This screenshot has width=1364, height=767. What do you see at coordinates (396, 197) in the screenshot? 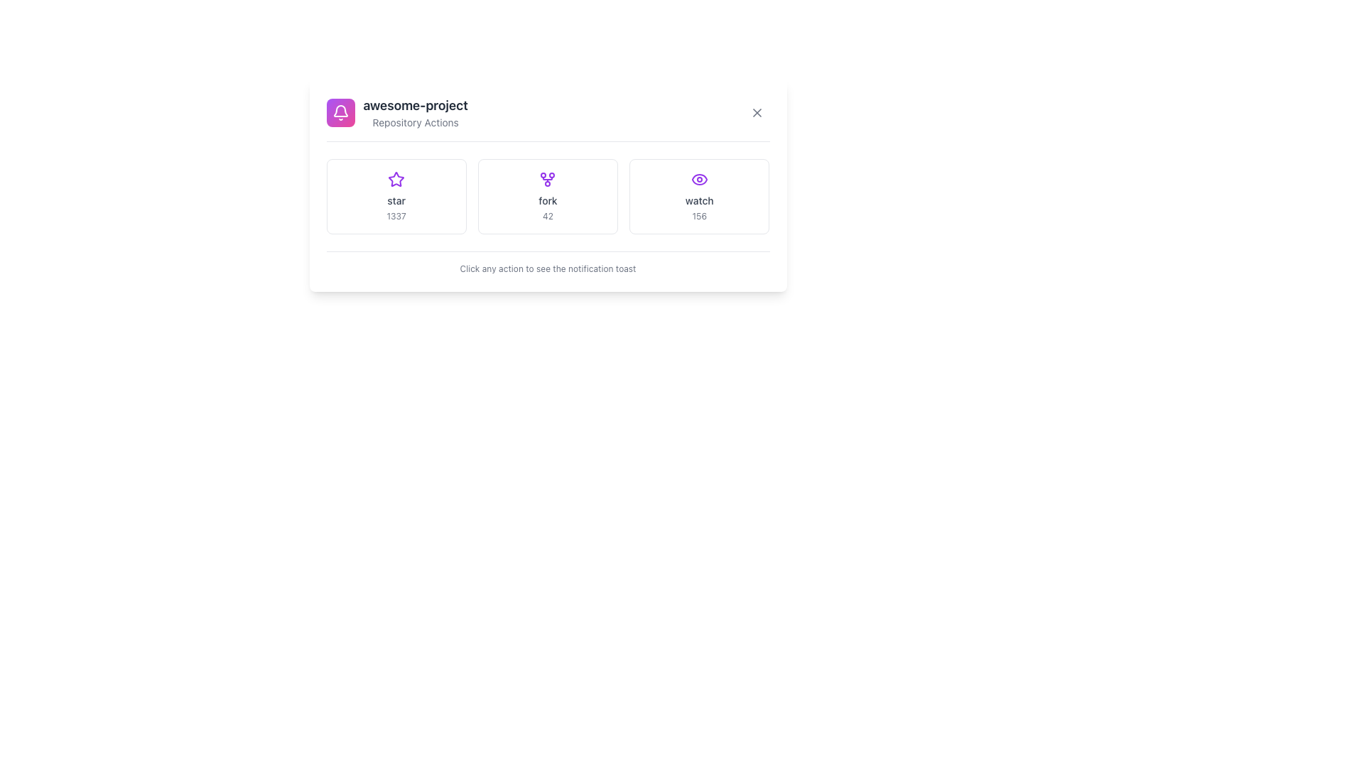
I see `the first card-shaped button in the grid layout that contains a purple star icon and the word 'star' to star the project` at bounding box center [396, 197].